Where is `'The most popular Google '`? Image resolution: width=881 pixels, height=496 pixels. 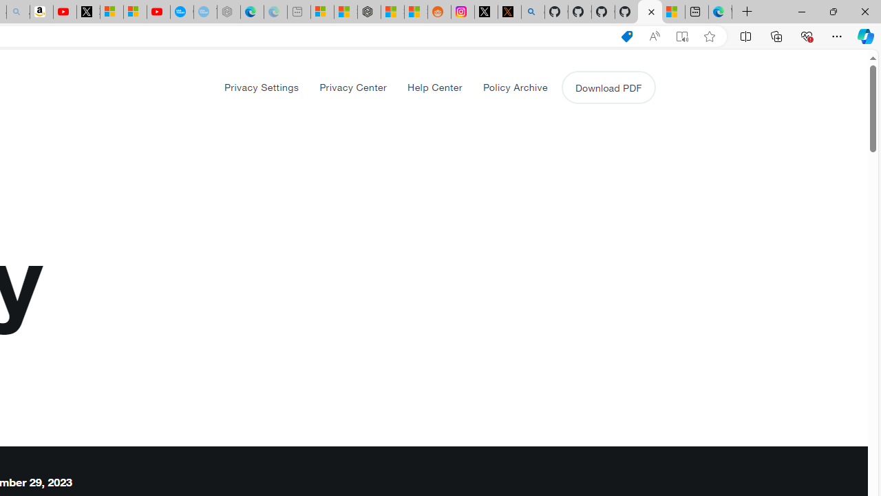
'The most popular Google ' is located at coordinates (204, 12).